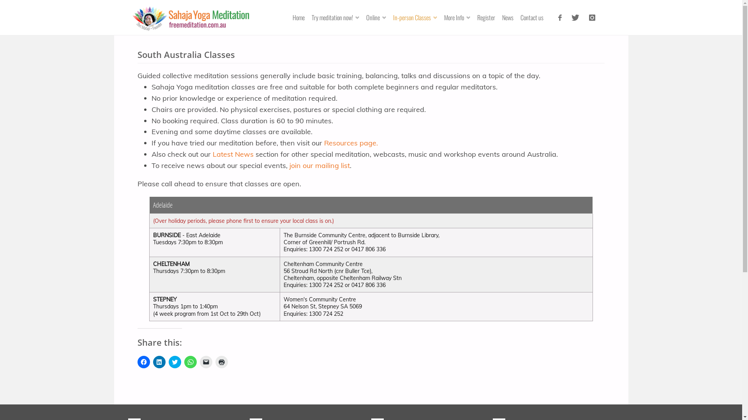  Describe the element at coordinates (191, 362) in the screenshot. I see `'Click to share on WhatsApp (Opens in new window)'` at that location.